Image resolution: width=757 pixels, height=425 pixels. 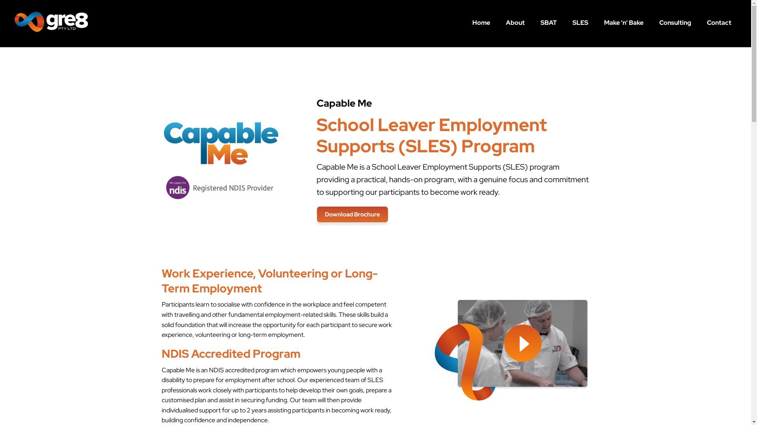 I want to click on 'SBAT', so click(x=548, y=22).